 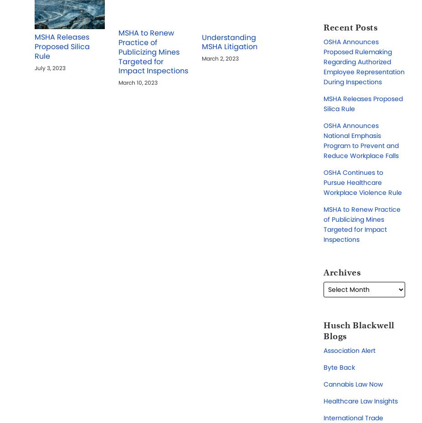 What do you see at coordinates (350, 350) in the screenshot?
I see `'Association Alert'` at bounding box center [350, 350].